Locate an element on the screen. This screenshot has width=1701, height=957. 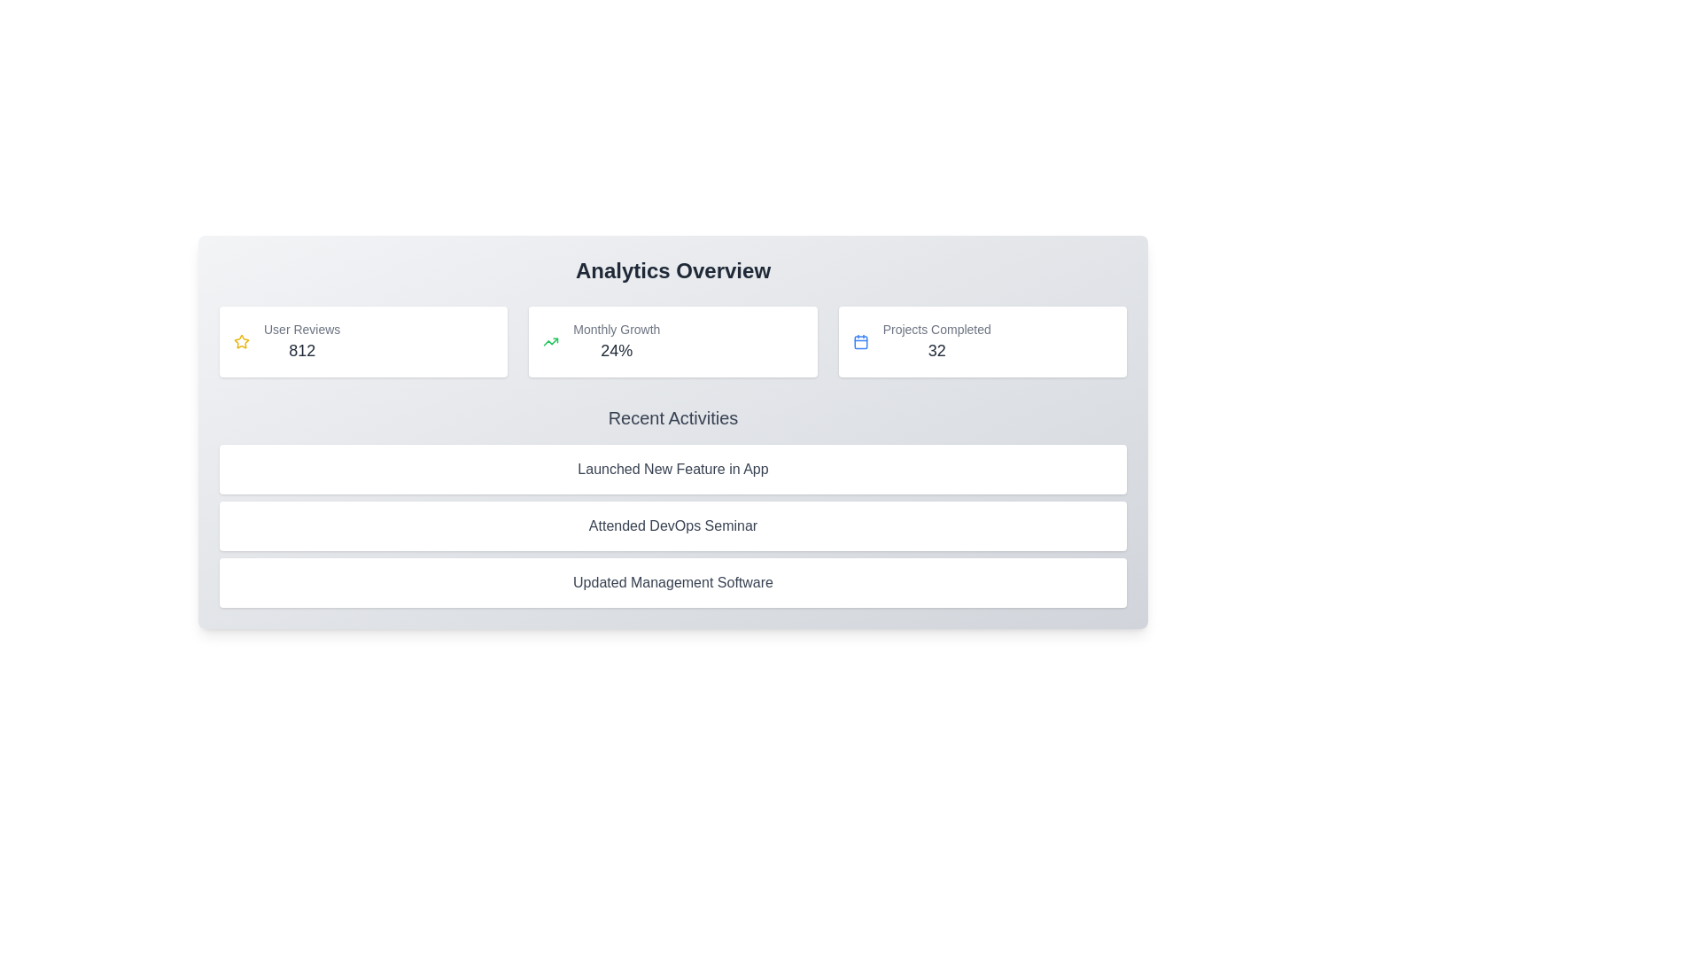
the Card containing a grid layout with statistics labeled 'User Reviews', 'Monthly Growth', and 'Projects Completed', located in the 'Analytics Overview' section is located at coordinates (672, 341).